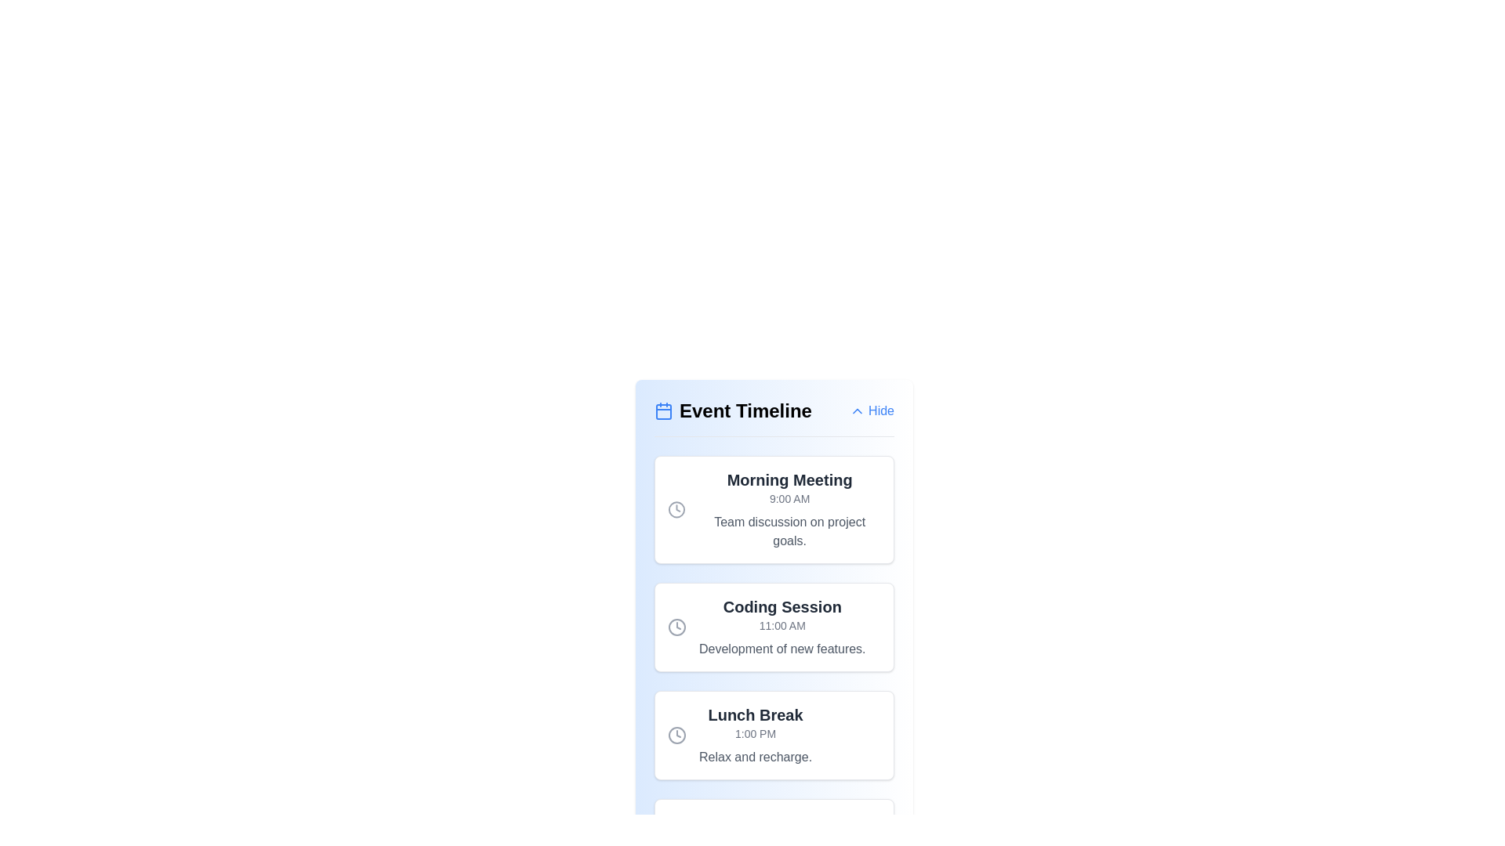 This screenshot has height=846, width=1505. I want to click on the time indicator text label that is located beneath the headline 'Morning Meeting' and above the description 'Team discussion on project goals', so click(789, 498).